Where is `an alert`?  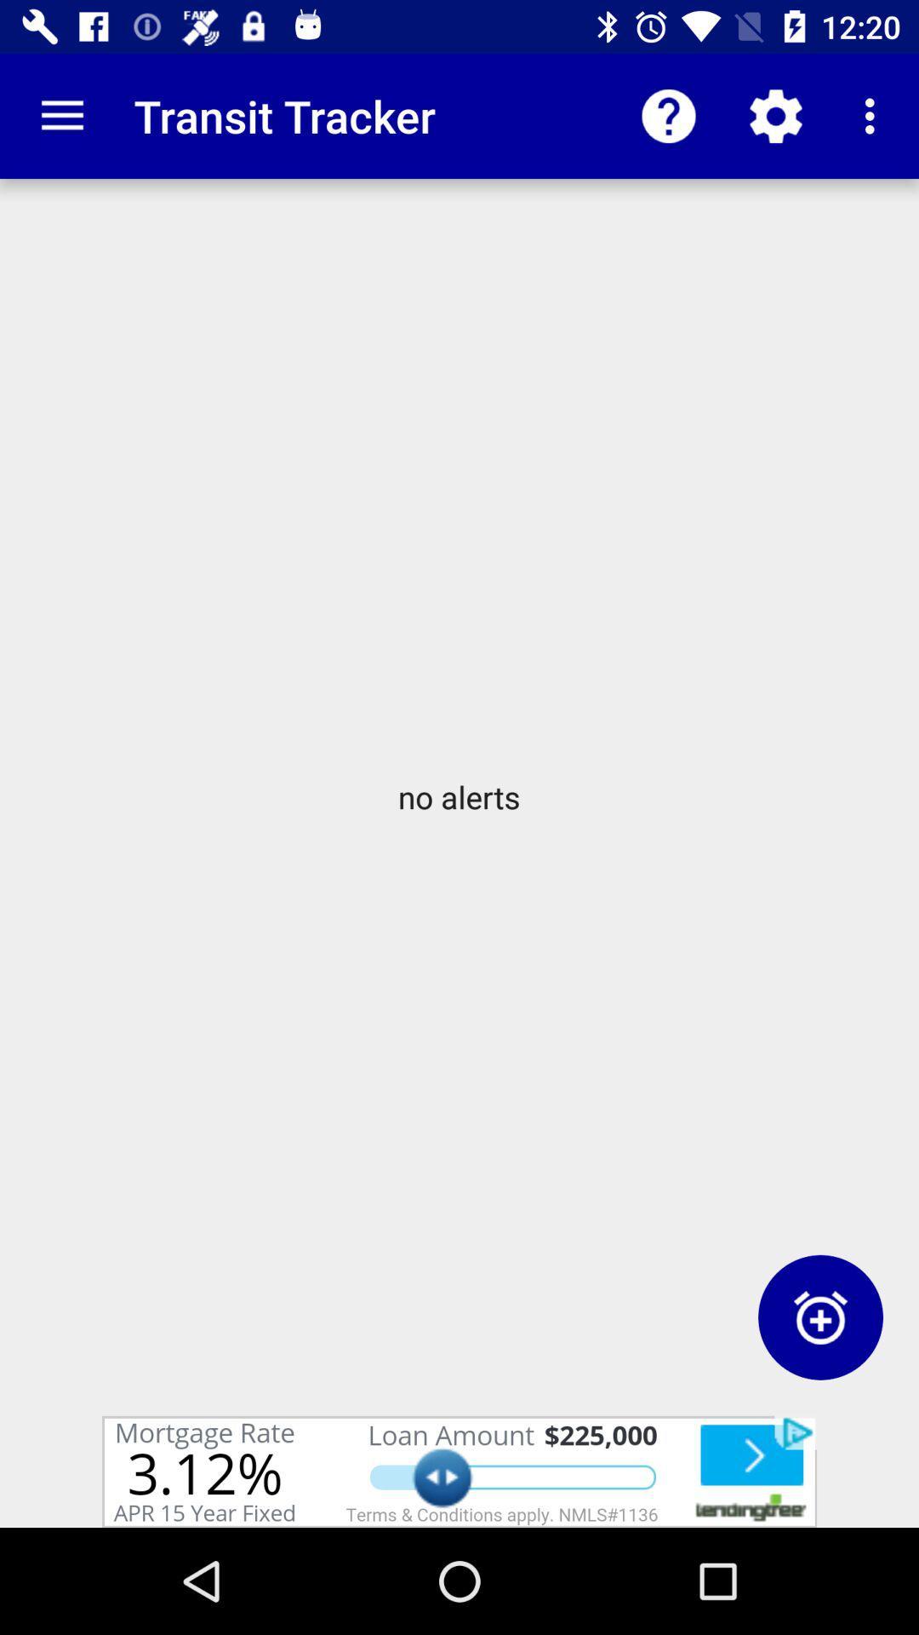
an alert is located at coordinates (819, 1317).